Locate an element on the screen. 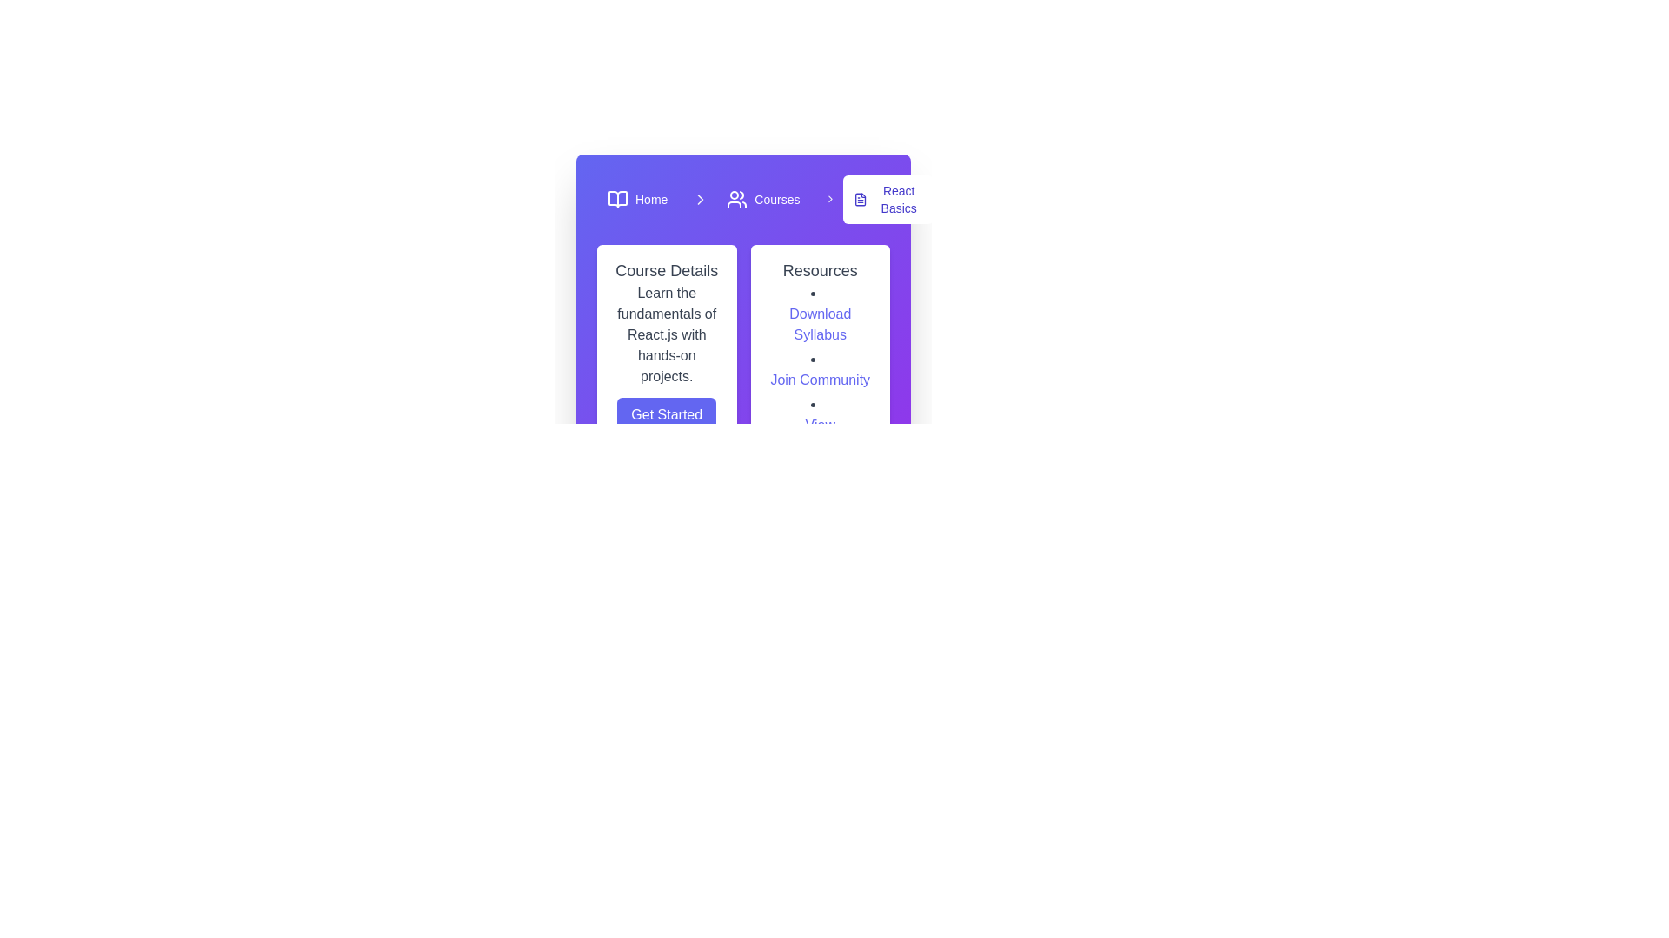  the text 'React Basics' in the navigation menu is located at coordinates (899, 199).